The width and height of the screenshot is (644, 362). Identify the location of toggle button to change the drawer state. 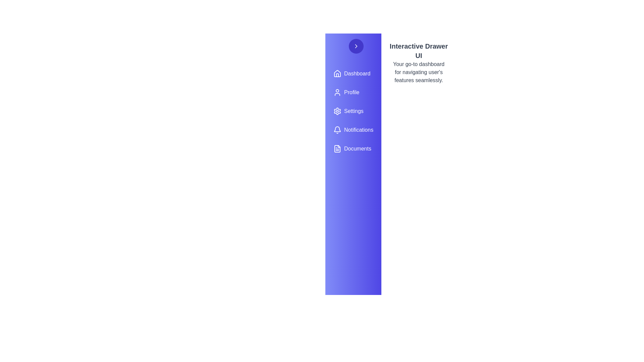
(356, 46).